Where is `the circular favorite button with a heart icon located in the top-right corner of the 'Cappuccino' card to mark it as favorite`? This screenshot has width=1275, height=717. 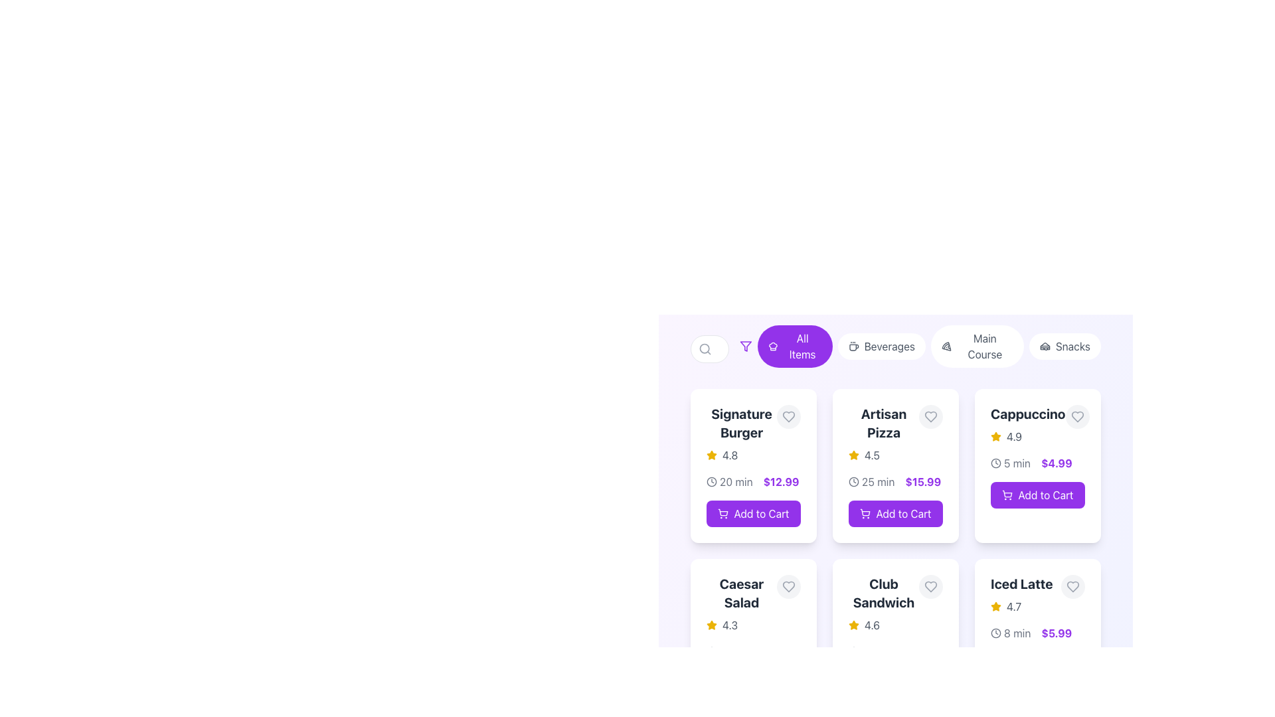
the circular favorite button with a heart icon located in the top-right corner of the 'Cappuccino' card to mark it as favorite is located at coordinates (1077, 416).